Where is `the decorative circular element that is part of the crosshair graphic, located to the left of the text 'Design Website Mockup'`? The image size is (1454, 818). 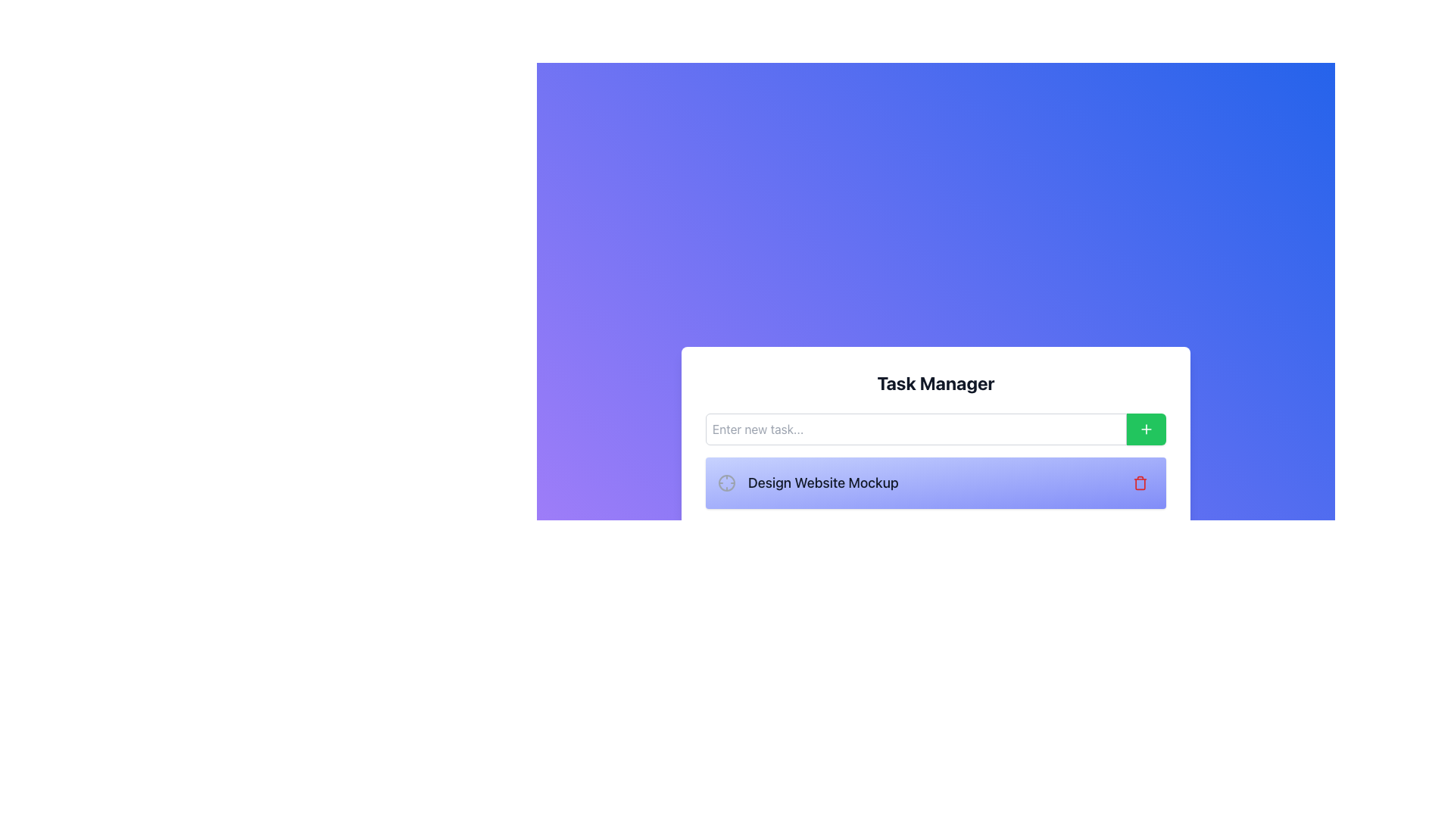
the decorative circular element that is part of the crosshair graphic, located to the left of the text 'Design Website Mockup' is located at coordinates (727, 482).